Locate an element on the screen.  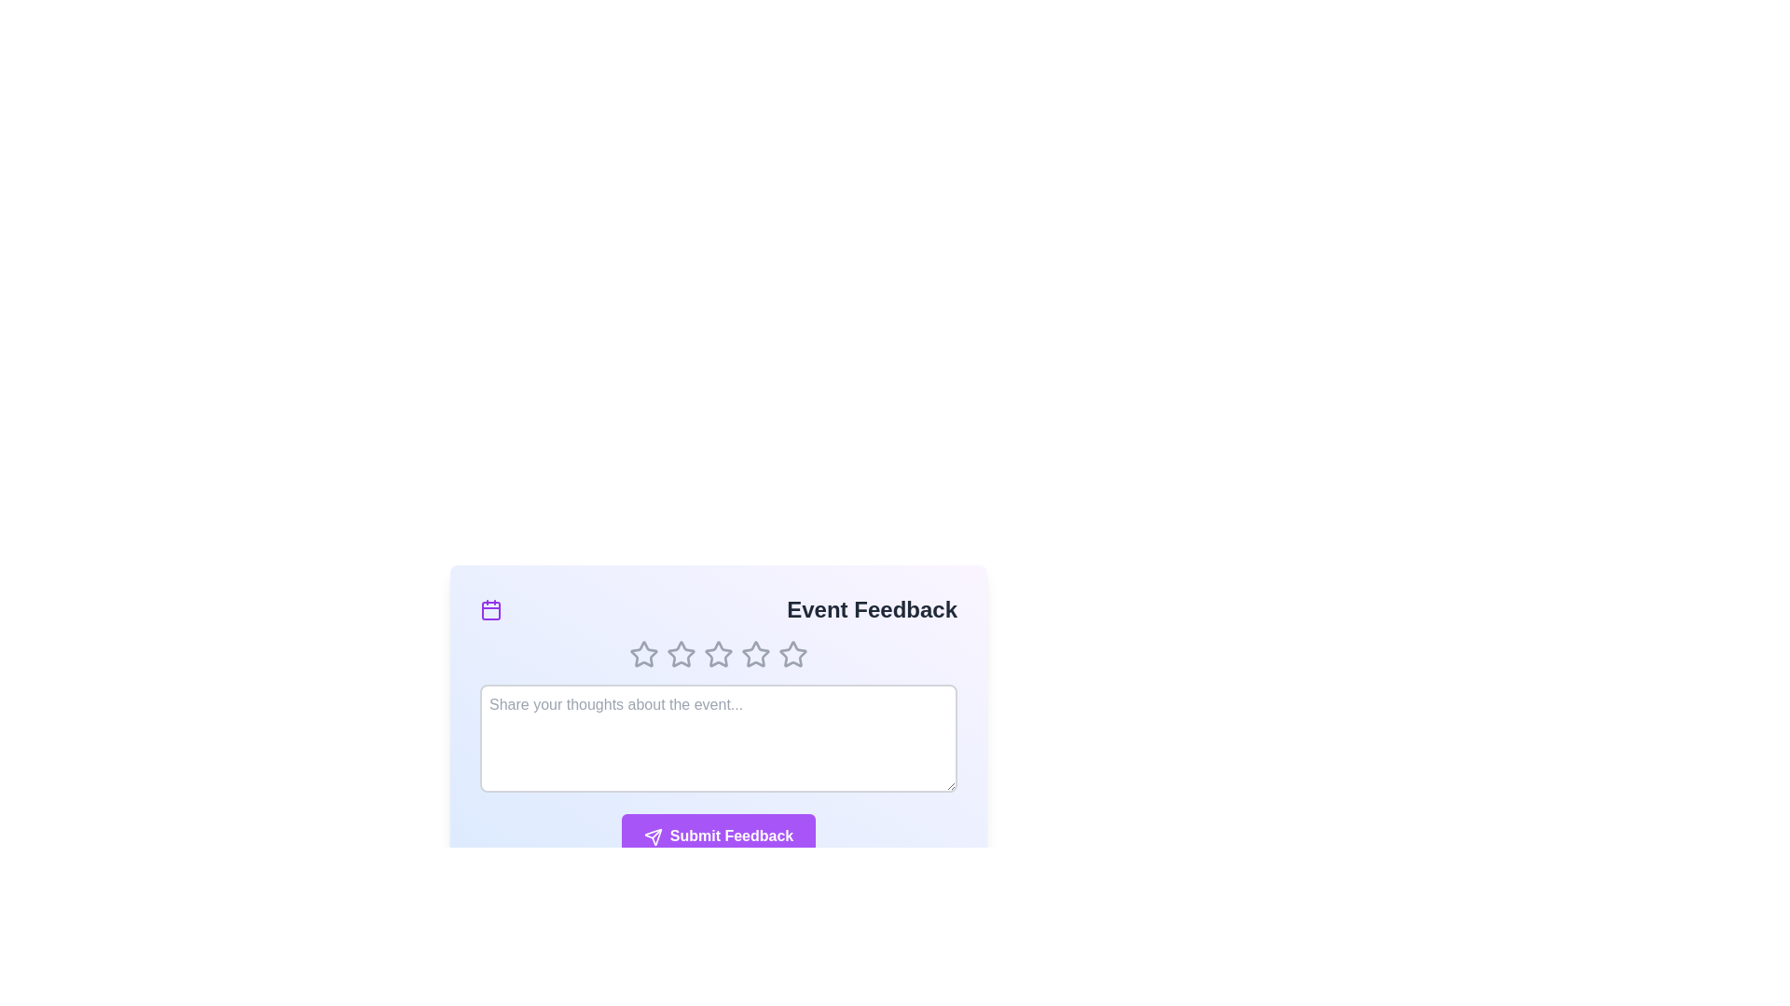
the second hollow star icon in the feedback rating section, located centrally below the 'Event Feedback' title is located at coordinates (680, 653).